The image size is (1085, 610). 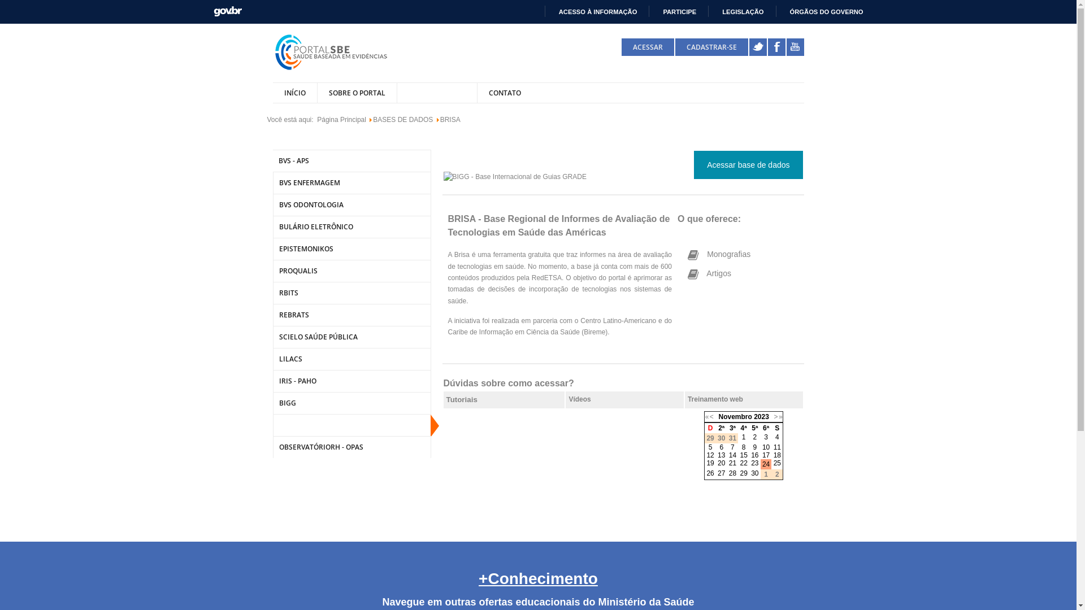 What do you see at coordinates (748, 165) in the screenshot?
I see `'Acessar base de dados'` at bounding box center [748, 165].